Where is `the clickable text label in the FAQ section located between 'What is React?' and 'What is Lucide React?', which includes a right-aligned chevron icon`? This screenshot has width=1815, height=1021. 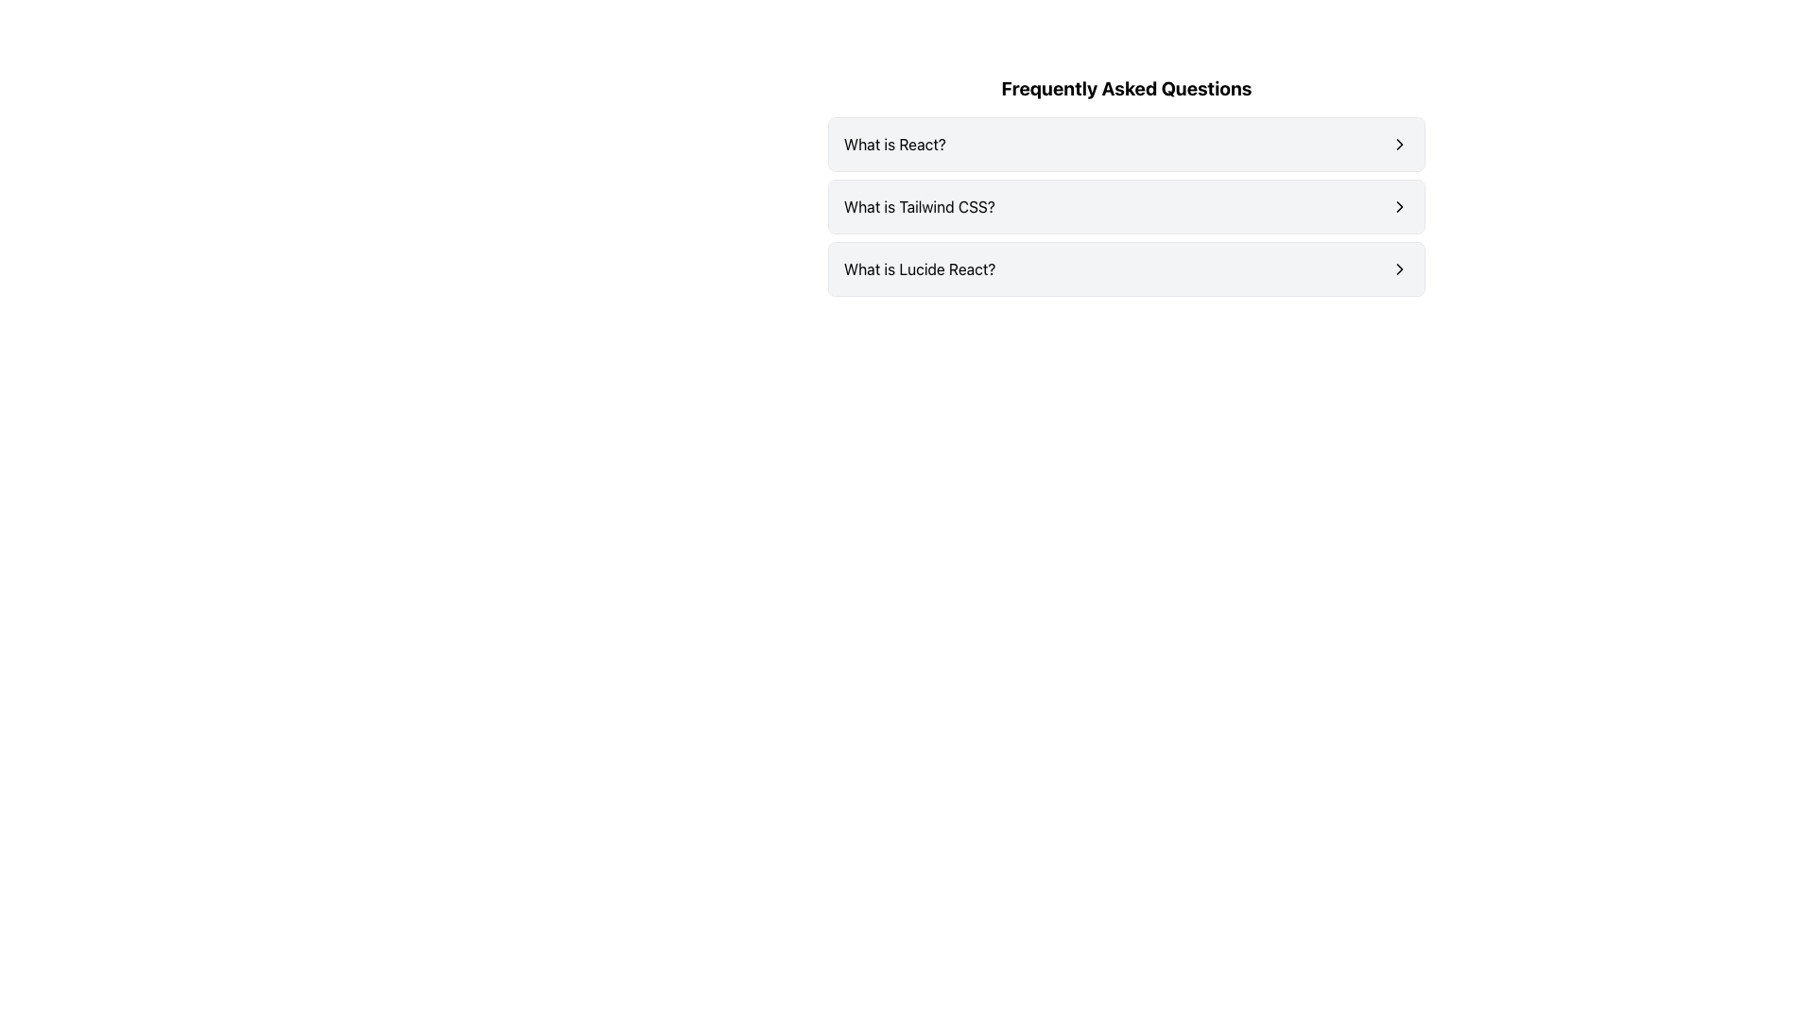
the clickable text label in the FAQ section located between 'What is React?' and 'What is Lucide React?', which includes a right-aligned chevron icon is located at coordinates (919, 207).